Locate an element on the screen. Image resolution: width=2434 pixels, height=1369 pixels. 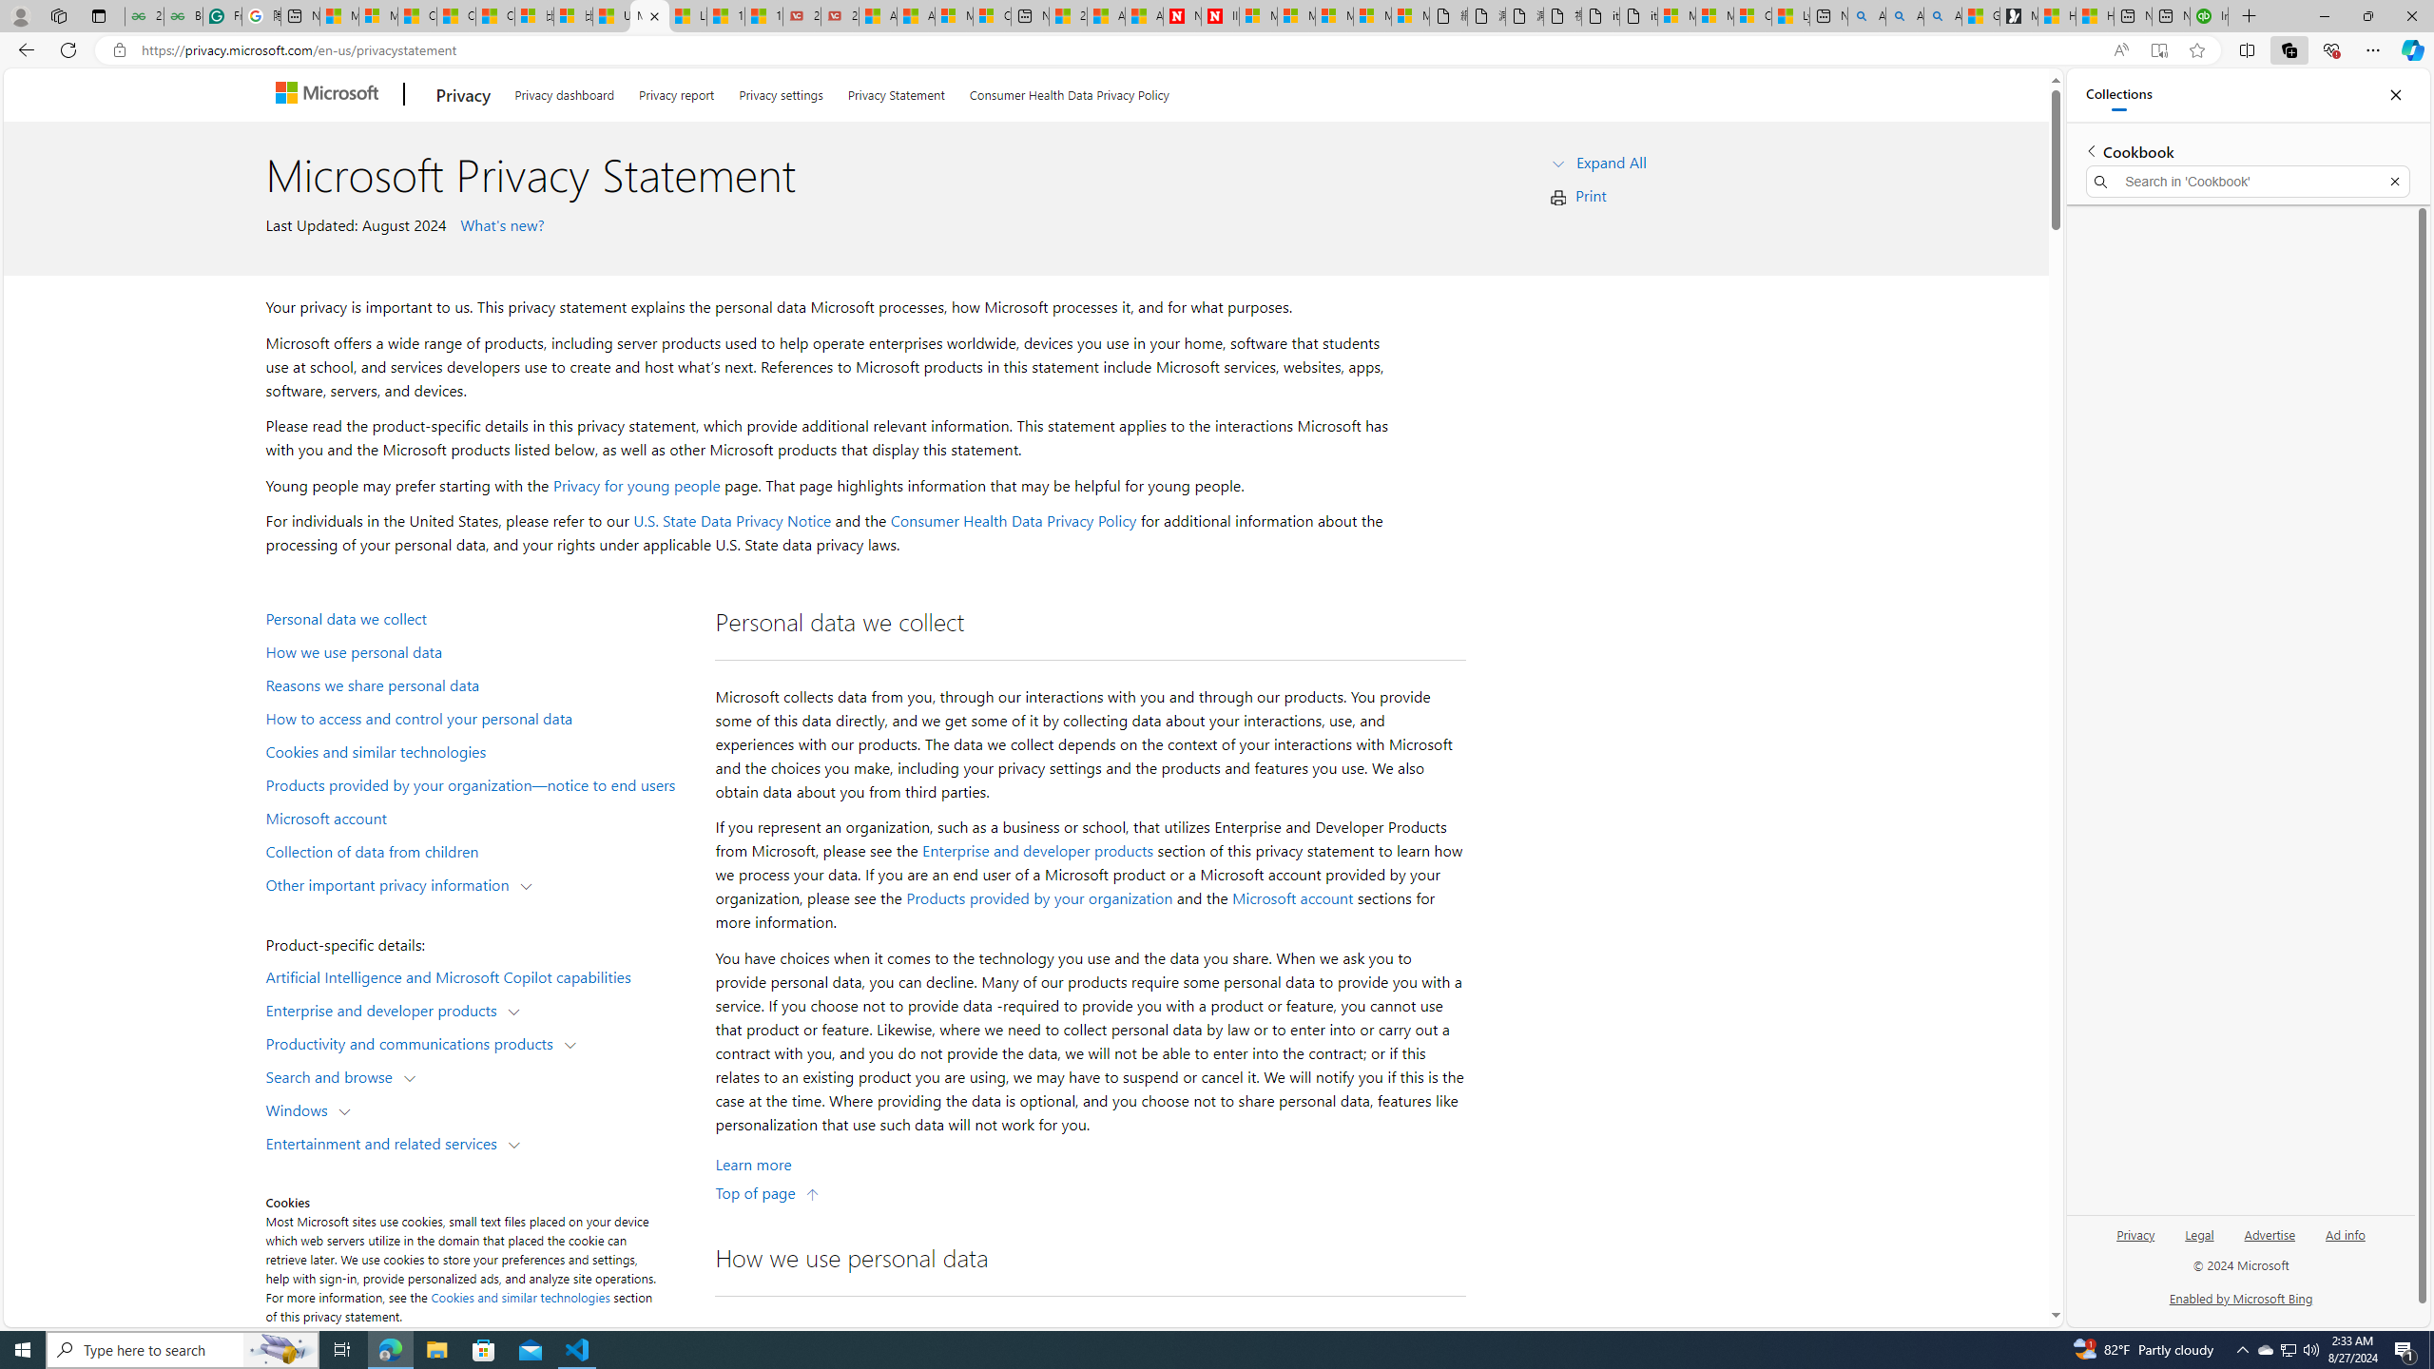
'Alabama high school quarterback dies - Search' is located at coordinates (1865, 15).